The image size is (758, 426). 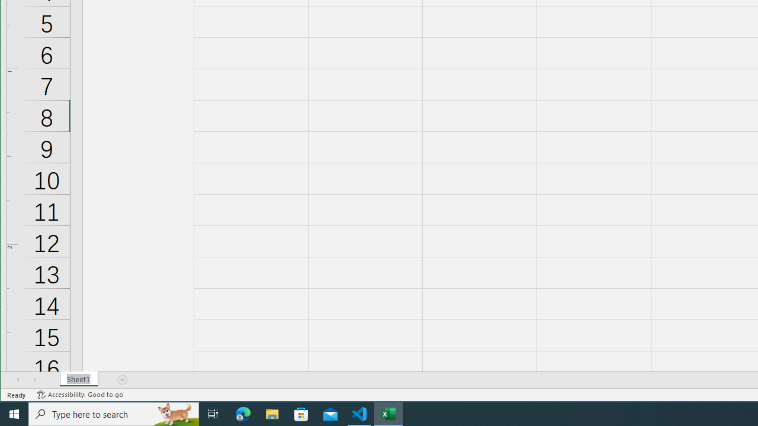 I want to click on 'Start', so click(x=14, y=413).